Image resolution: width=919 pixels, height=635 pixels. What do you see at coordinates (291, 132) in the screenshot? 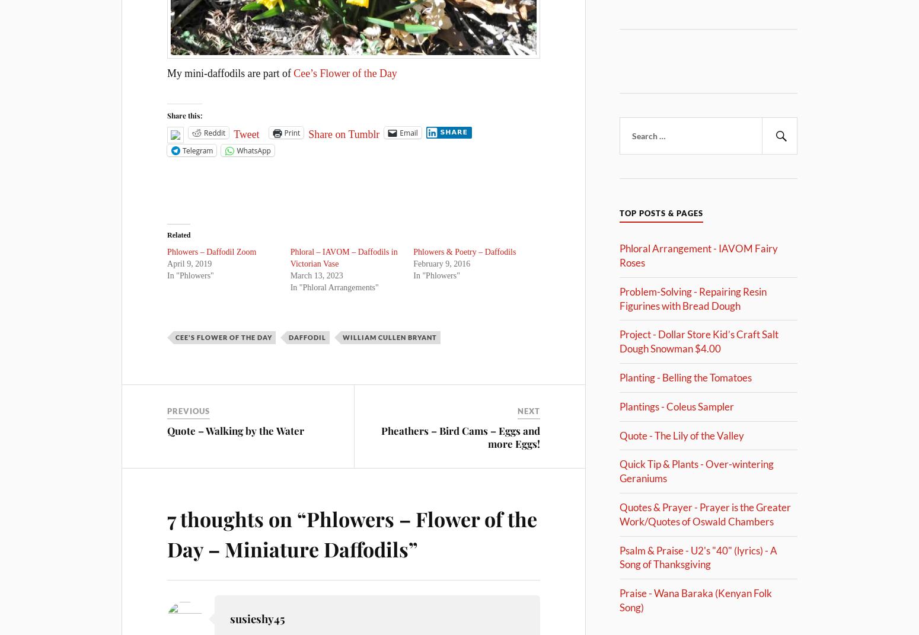
I see `'Print'` at bounding box center [291, 132].